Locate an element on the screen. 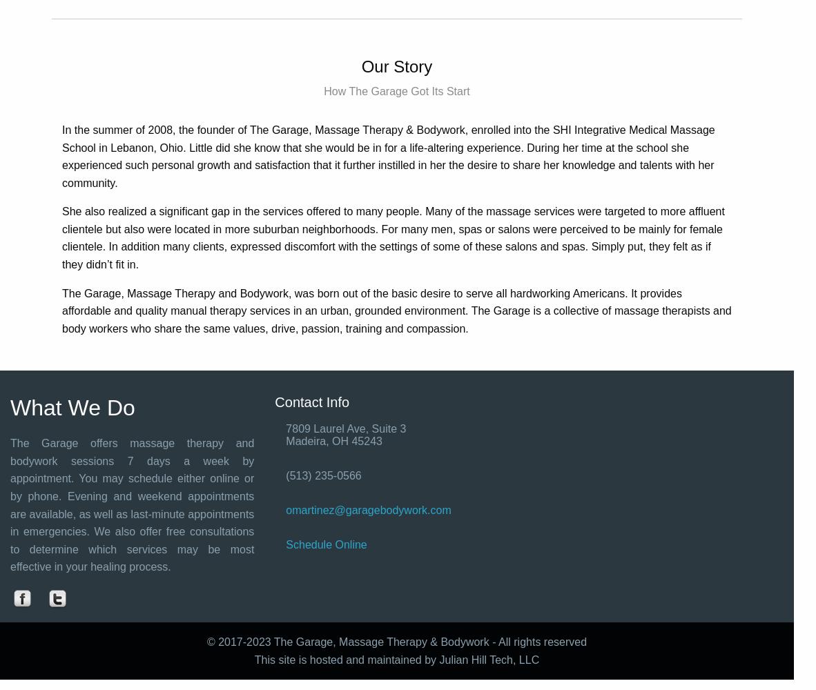  '© 2017-2023 The Garage, Massage Therapy & Bodywork - All rights reserved' is located at coordinates (396, 641).